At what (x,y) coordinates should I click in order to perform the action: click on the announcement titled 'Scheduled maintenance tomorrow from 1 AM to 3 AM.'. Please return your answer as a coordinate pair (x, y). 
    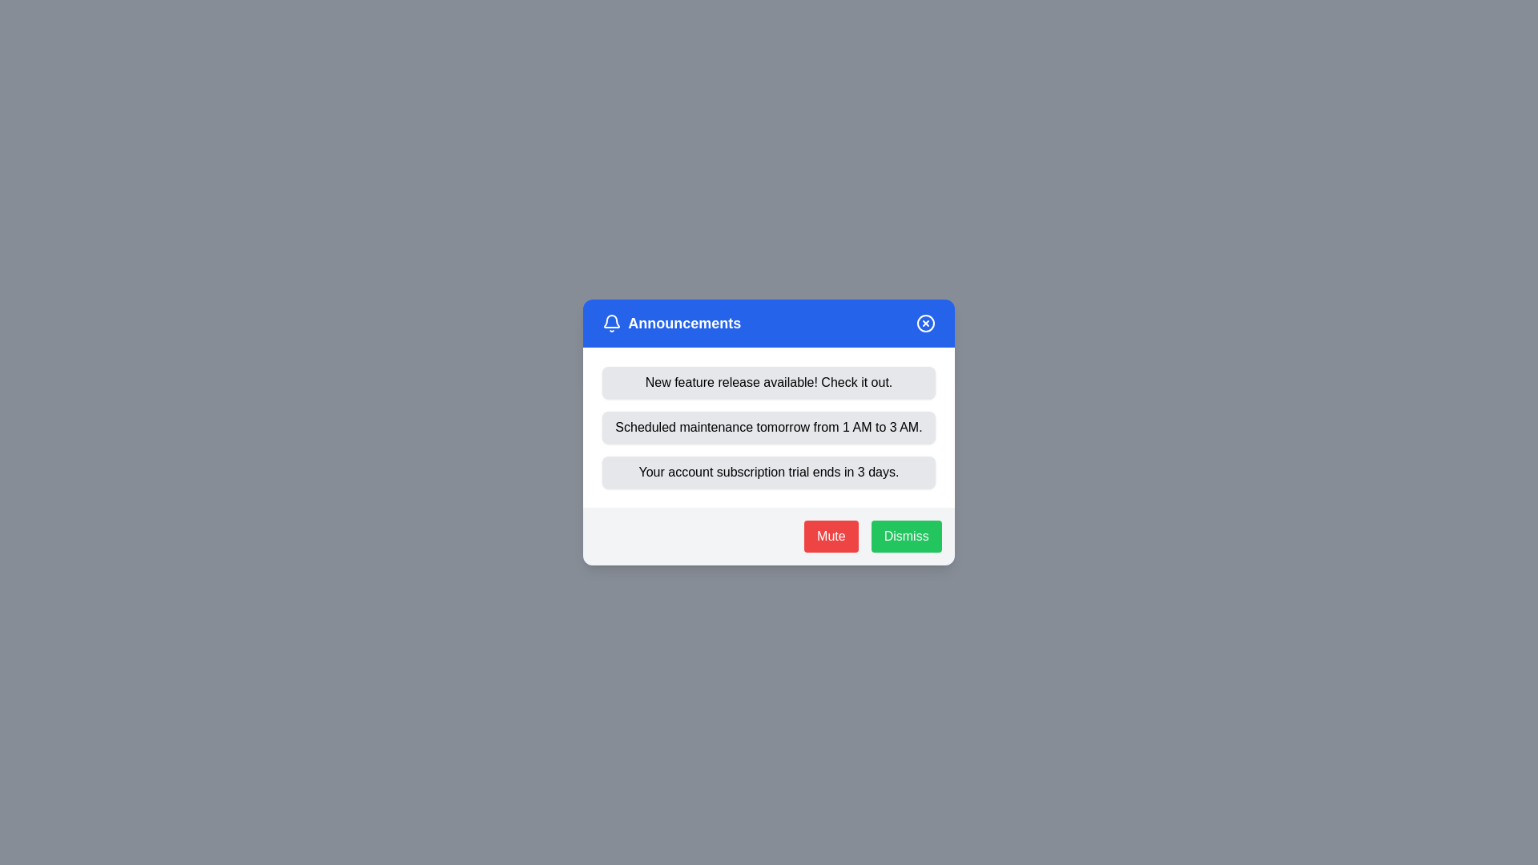
    Looking at the image, I should click on (769, 426).